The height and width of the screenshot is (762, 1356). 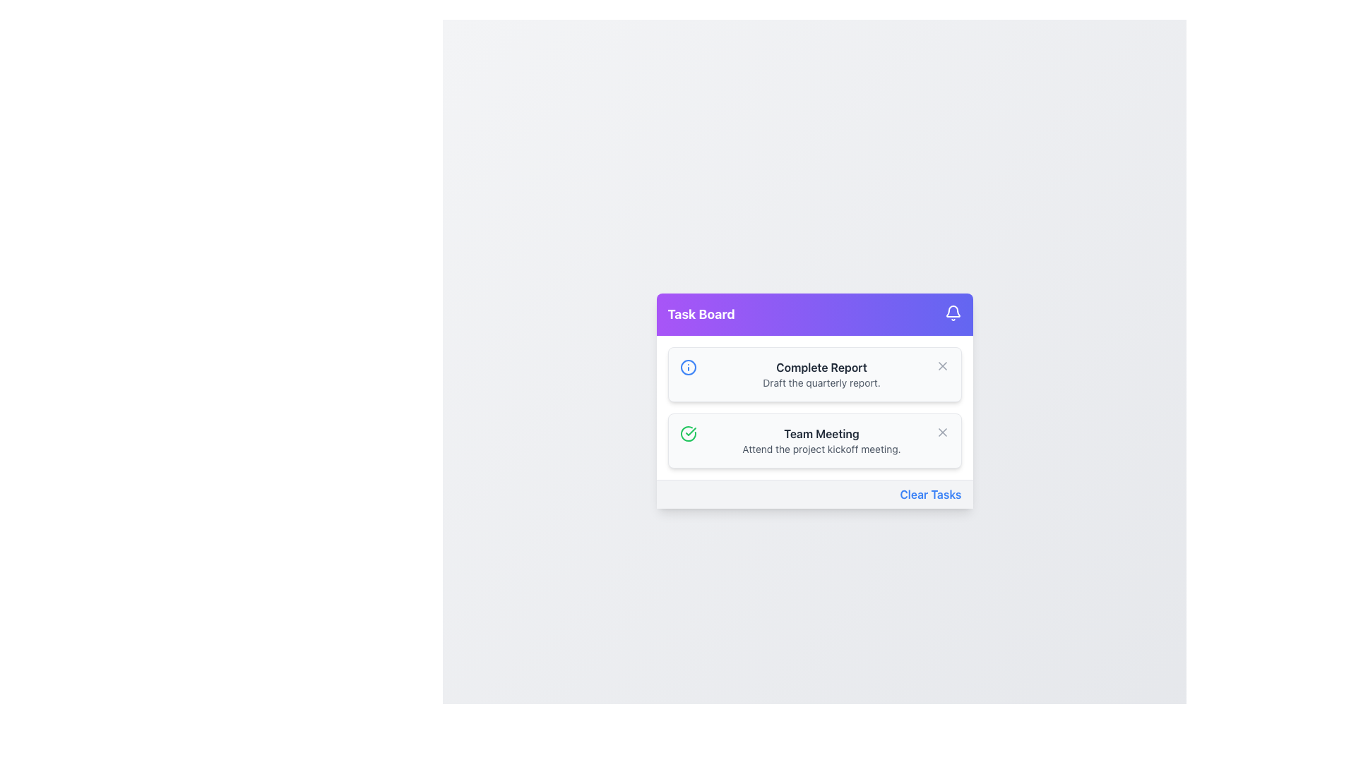 What do you see at coordinates (821, 449) in the screenshot?
I see `the instructional text element located below 'Team Meeting' in the task card interface, which provides additional context to users` at bounding box center [821, 449].